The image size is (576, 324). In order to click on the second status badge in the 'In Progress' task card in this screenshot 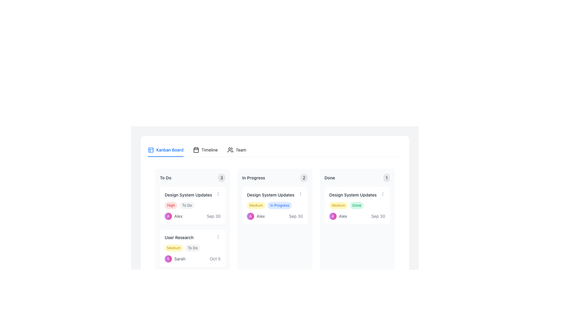, I will do `click(279, 205)`.